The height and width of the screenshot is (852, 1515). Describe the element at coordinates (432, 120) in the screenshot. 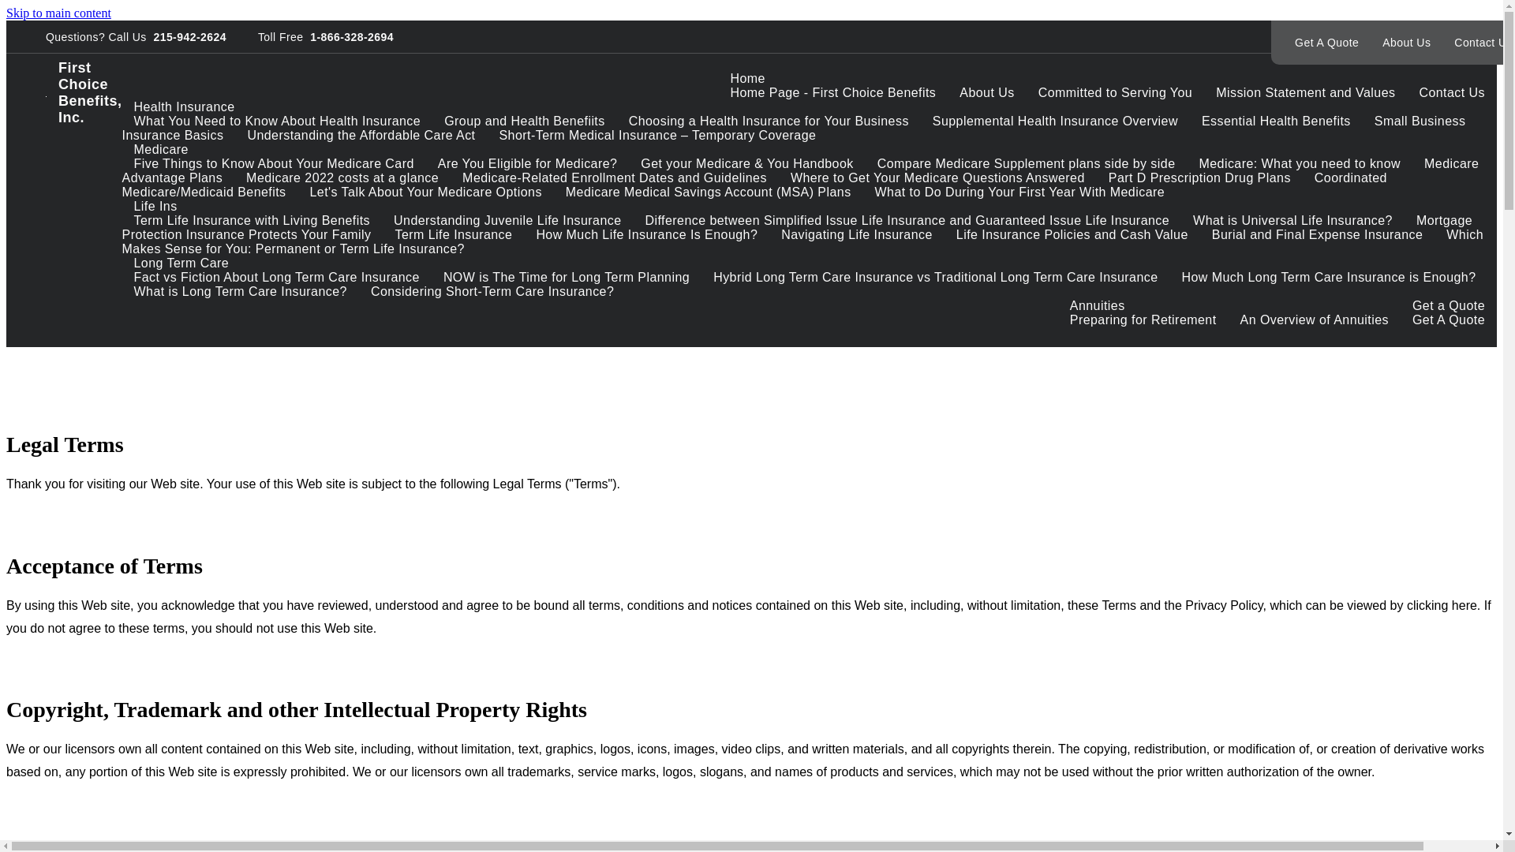

I see `'Group and Health Benefiits'` at that location.